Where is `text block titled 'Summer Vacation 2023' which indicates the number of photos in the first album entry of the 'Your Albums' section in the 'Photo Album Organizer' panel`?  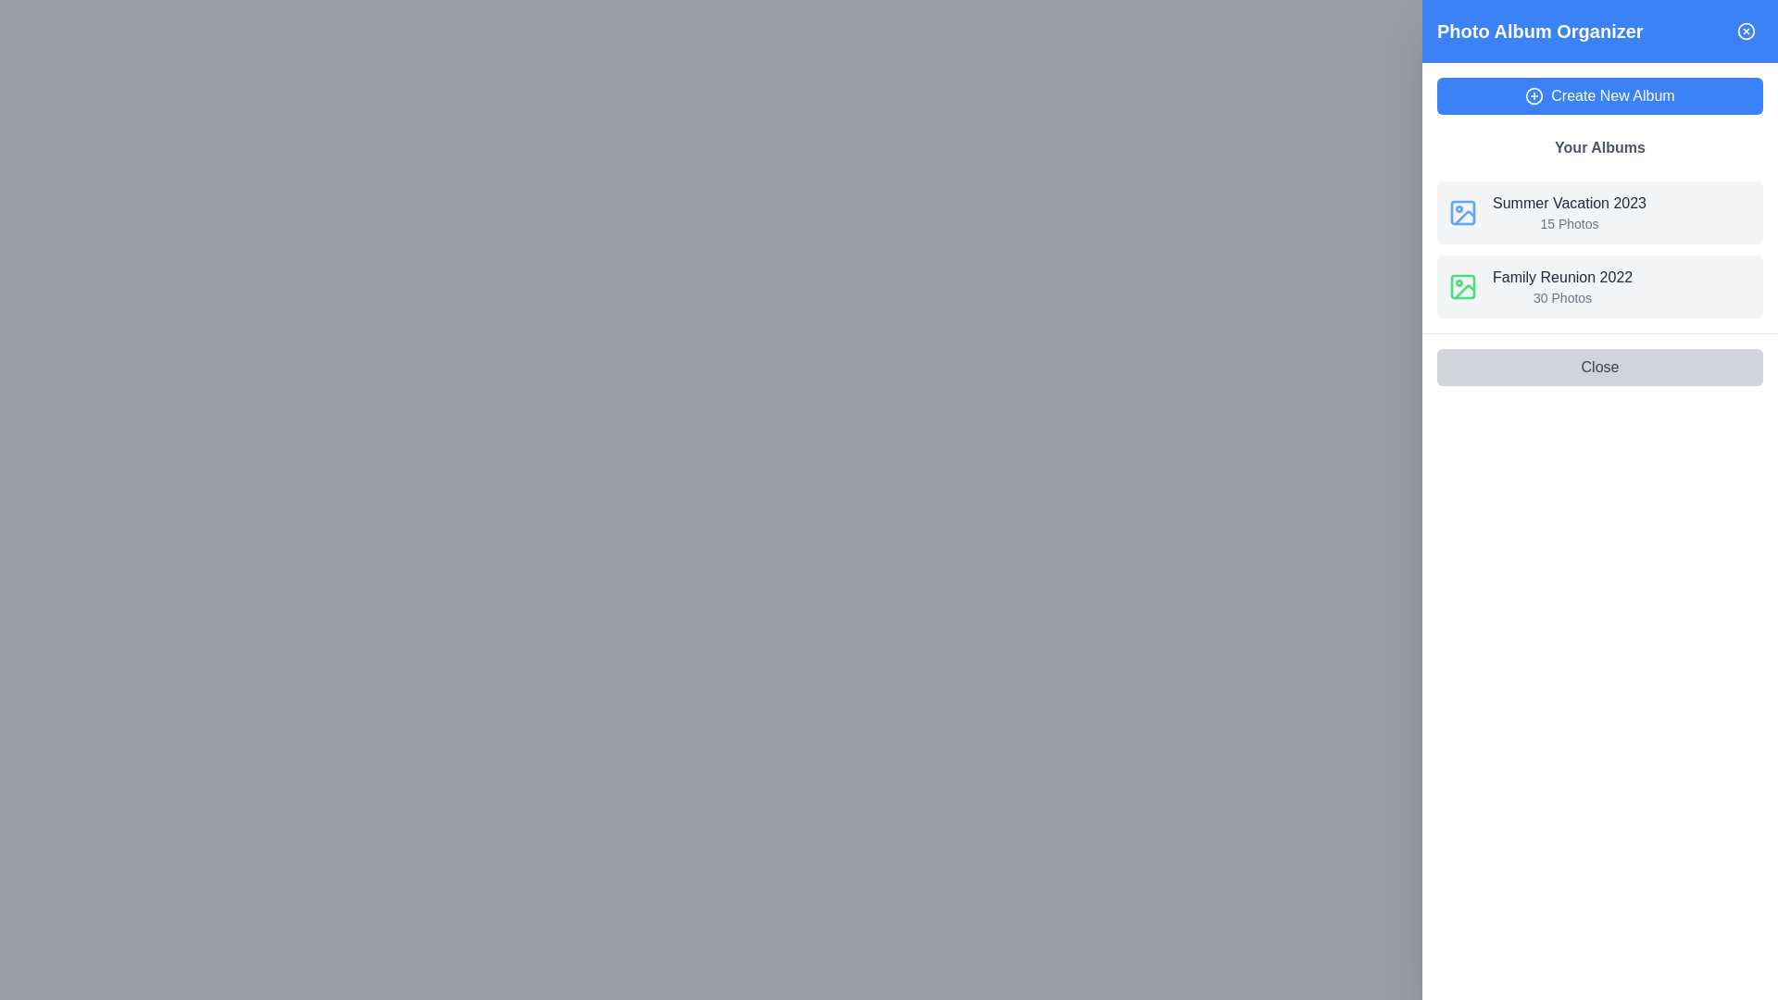 text block titled 'Summer Vacation 2023' which indicates the number of photos in the first album entry of the 'Your Albums' section in the 'Photo Album Organizer' panel is located at coordinates (1568, 212).